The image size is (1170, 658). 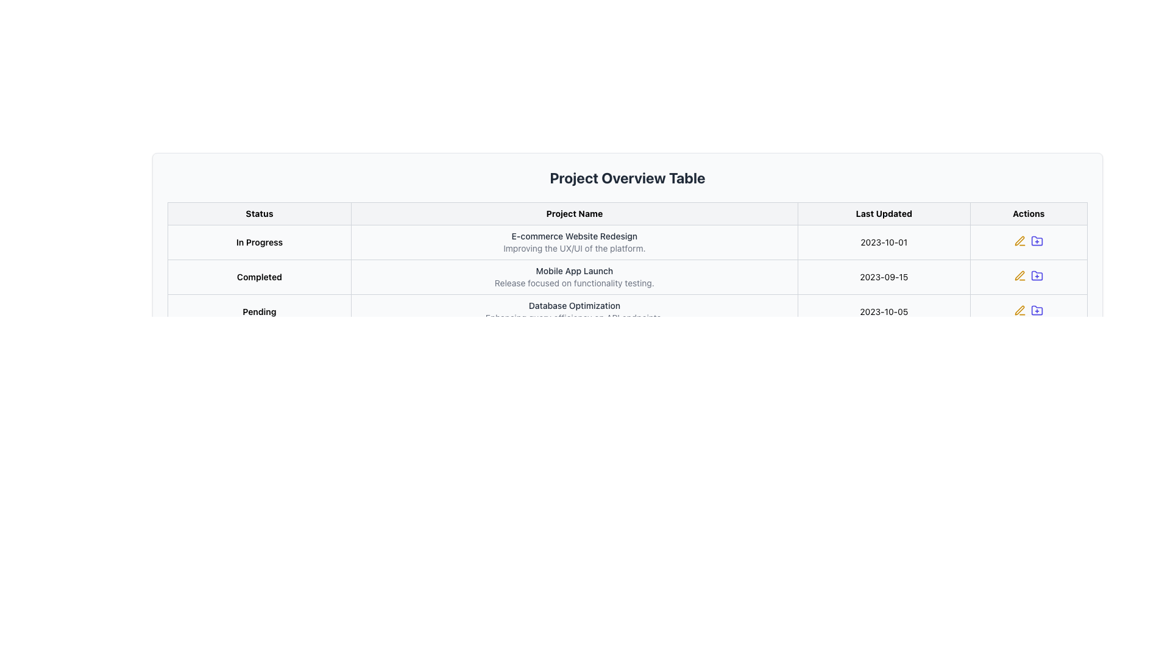 What do you see at coordinates (258, 242) in the screenshot?
I see `text contained in the 'Status' text label indicating the current state of the 'E-commerce Website Redesign' project, which is actively being worked on` at bounding box center [258, 242].